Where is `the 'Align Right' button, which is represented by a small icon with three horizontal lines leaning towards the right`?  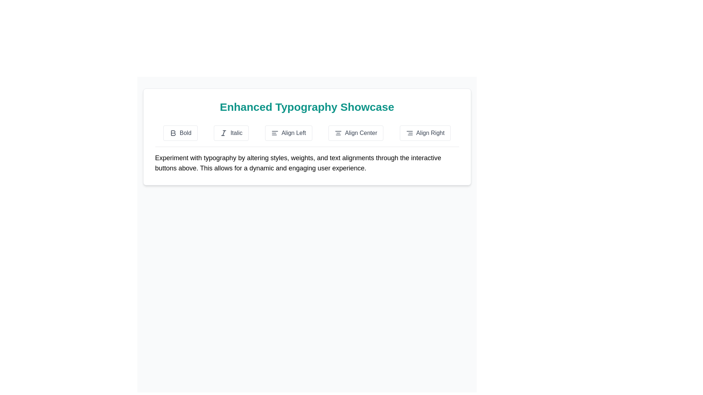
the 'Align Right' button, which is represented by a small icon with three horizontal lines leaning towards the right is located at coordinates (409, 133).